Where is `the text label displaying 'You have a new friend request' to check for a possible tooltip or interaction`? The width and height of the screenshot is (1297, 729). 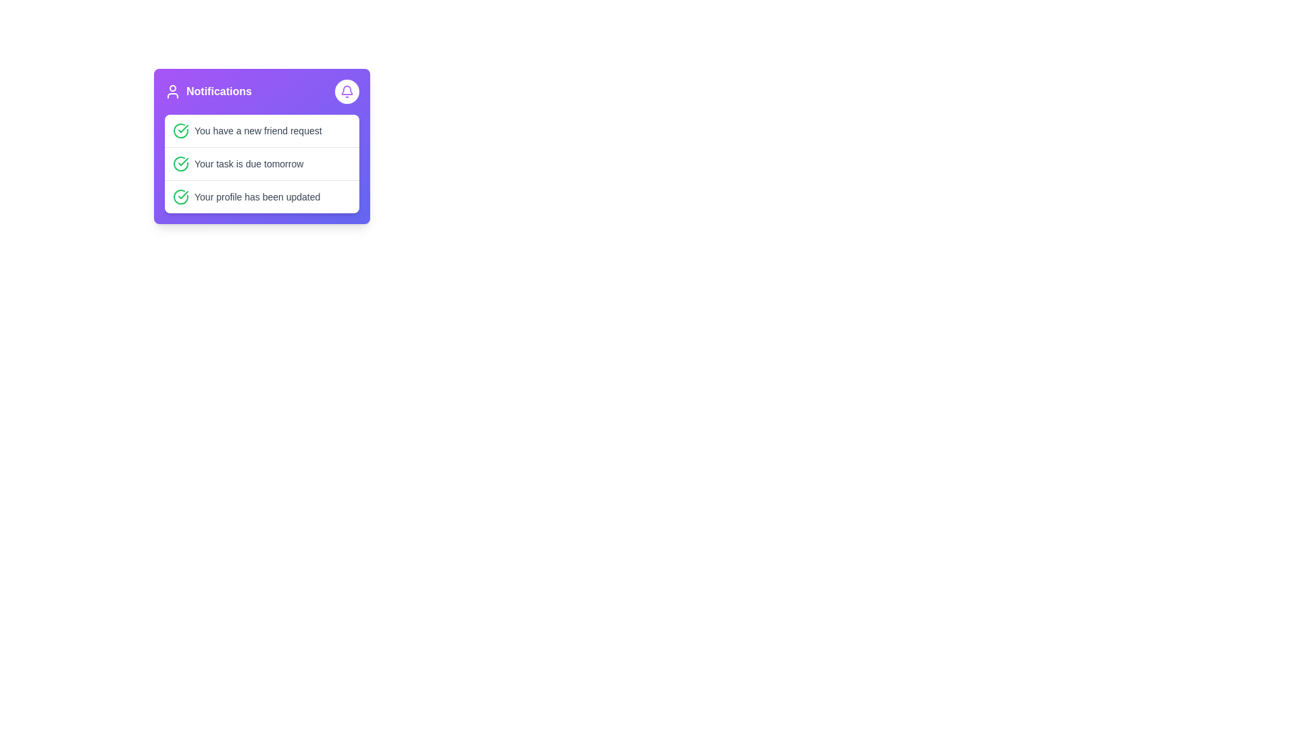
the text label displaying 'You have a new friend request' to check for a possible tooltip or interaction is located at coordinates (258, 130).